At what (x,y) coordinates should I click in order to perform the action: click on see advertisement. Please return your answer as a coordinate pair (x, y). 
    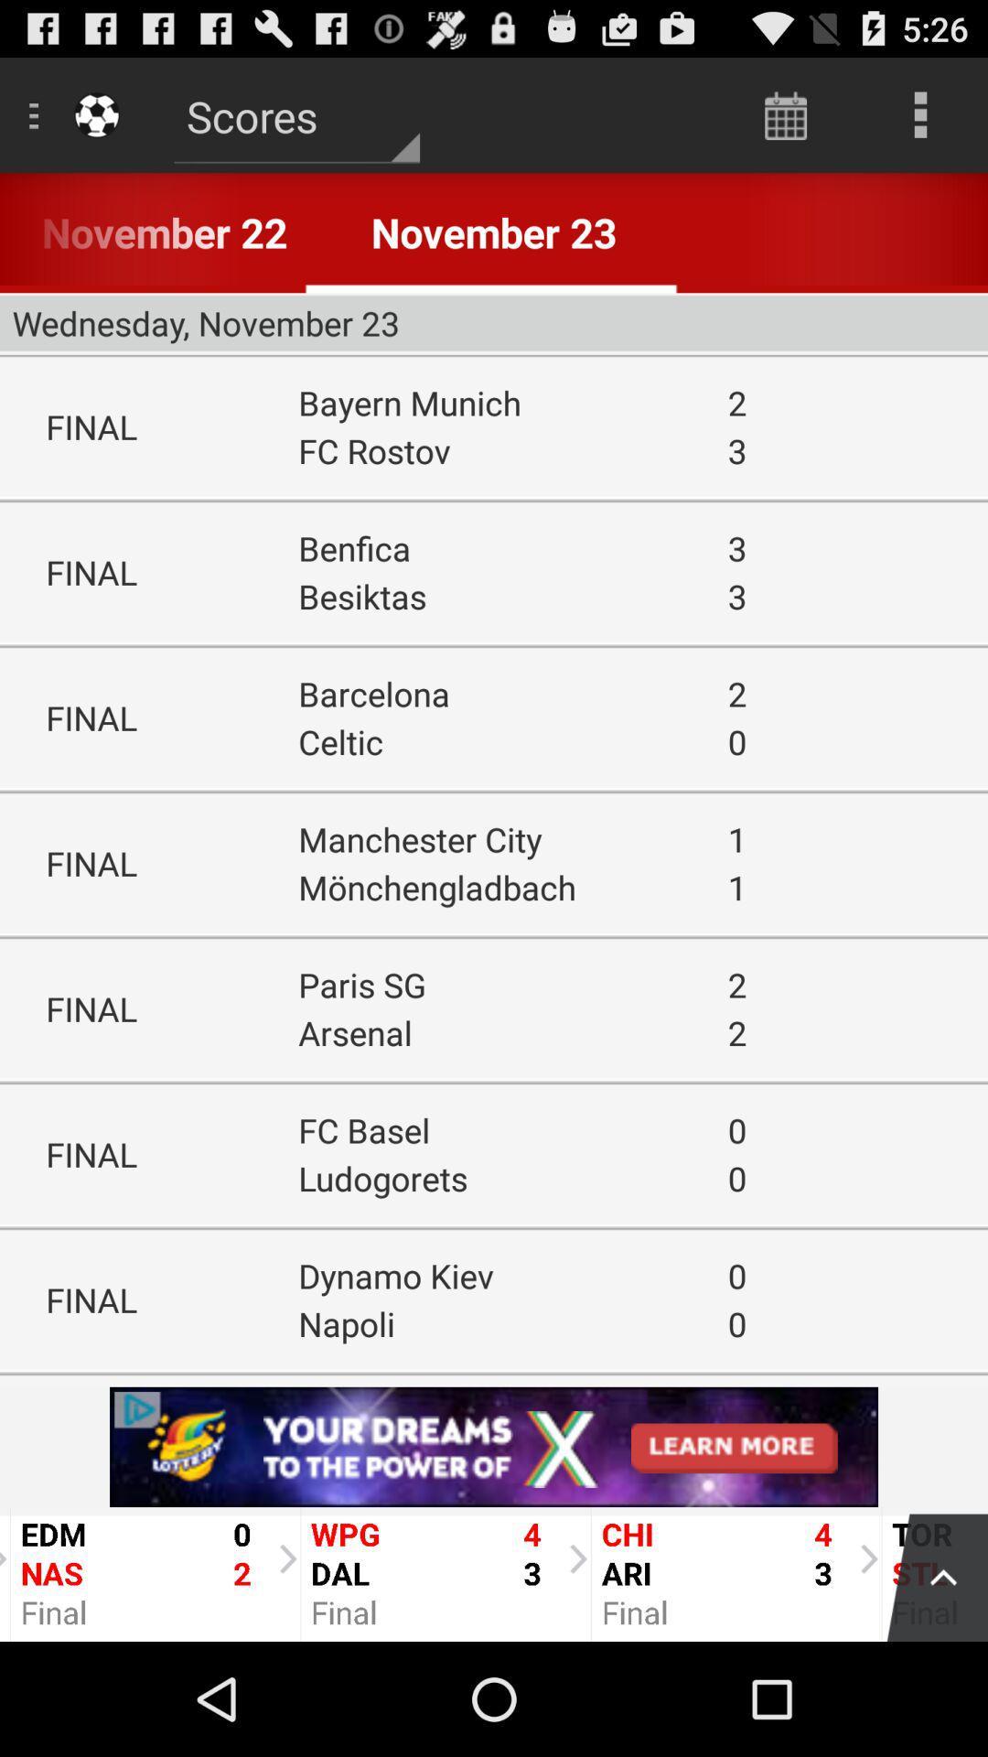
    Looking at the image, I should click on (494, 1446).